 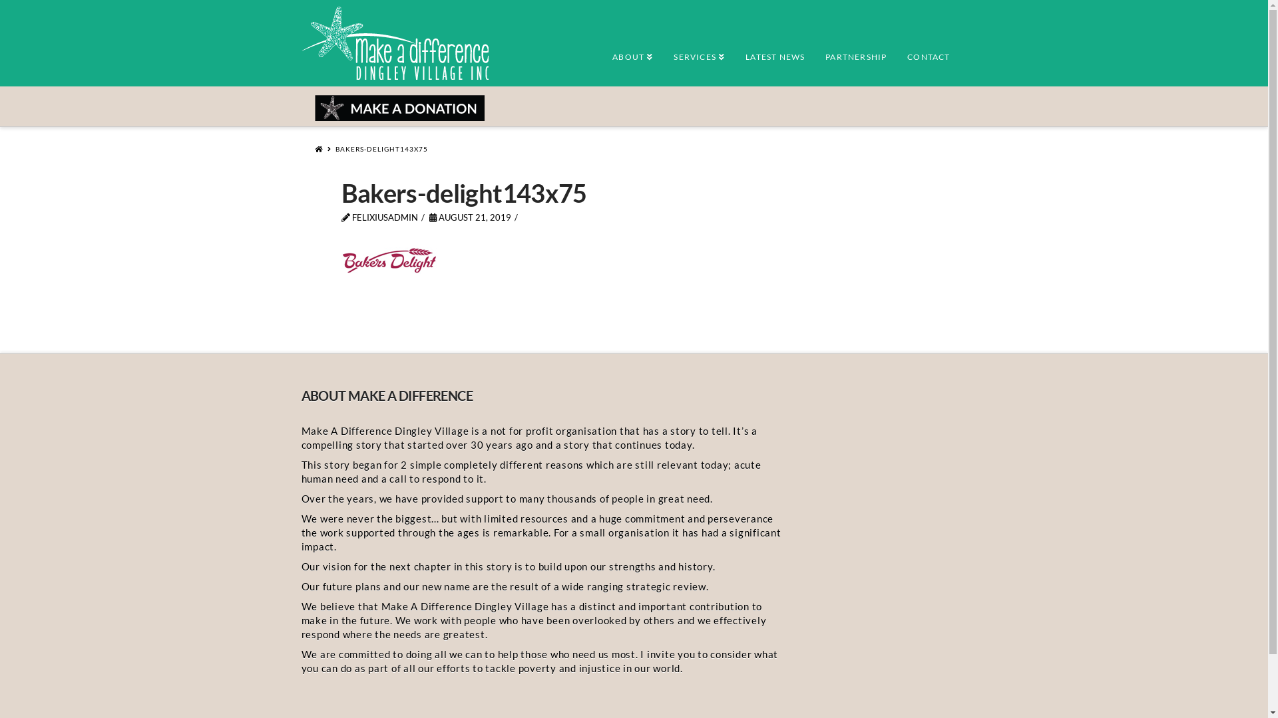 What do you see at coordinates (774, 49) in the screenshot?
I see `'LATEST NEWS'` at bounding box center [774, 49].